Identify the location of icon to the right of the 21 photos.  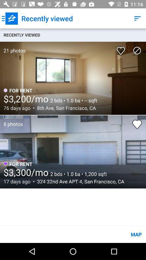
(122, 48).